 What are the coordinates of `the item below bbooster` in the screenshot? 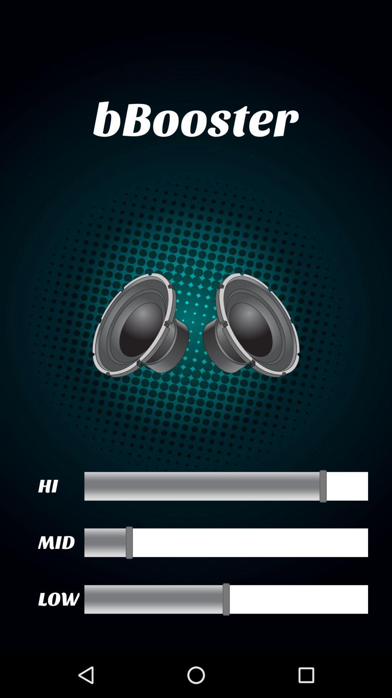 It's located at (196, 325).